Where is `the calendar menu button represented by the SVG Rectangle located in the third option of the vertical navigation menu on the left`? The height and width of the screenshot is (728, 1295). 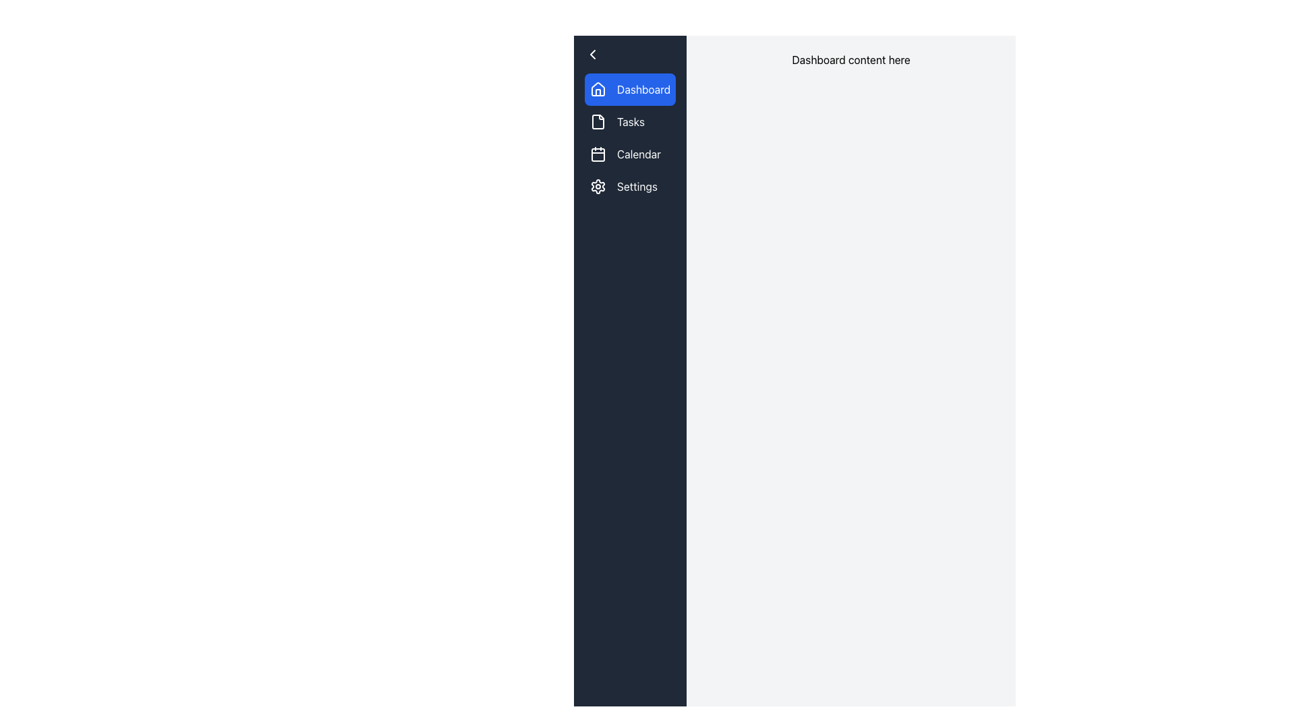
the calendar menu button represented by the SVG Rectangle located in the third option of the vertical navigation menu on the left is located at coordinates (598, 154).